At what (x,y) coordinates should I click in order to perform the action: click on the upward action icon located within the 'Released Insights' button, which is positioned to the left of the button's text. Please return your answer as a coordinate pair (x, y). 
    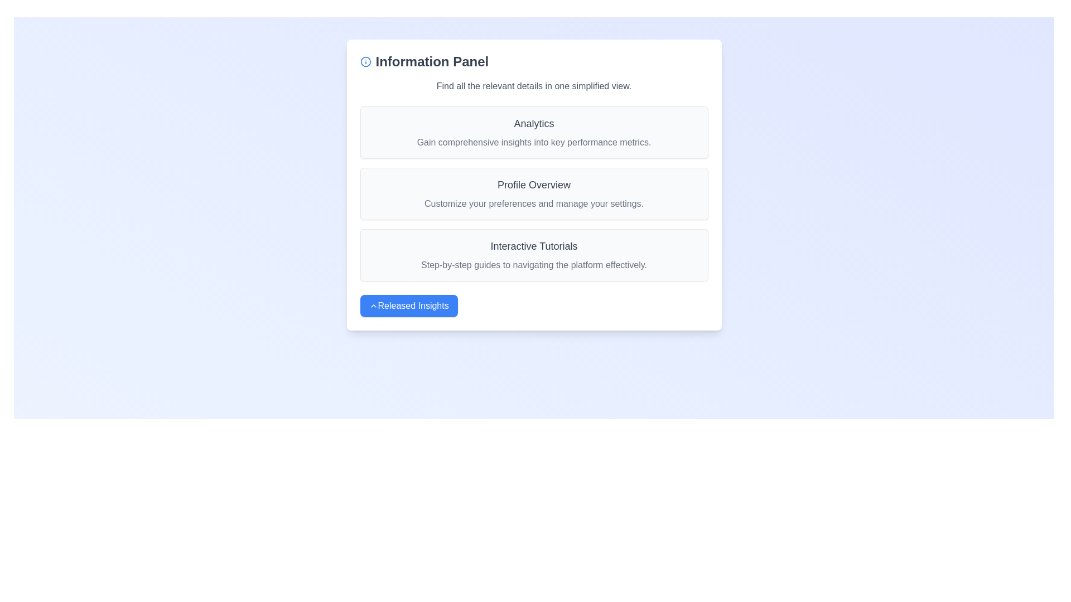
    Looking at the image, I should click on (373, 305).